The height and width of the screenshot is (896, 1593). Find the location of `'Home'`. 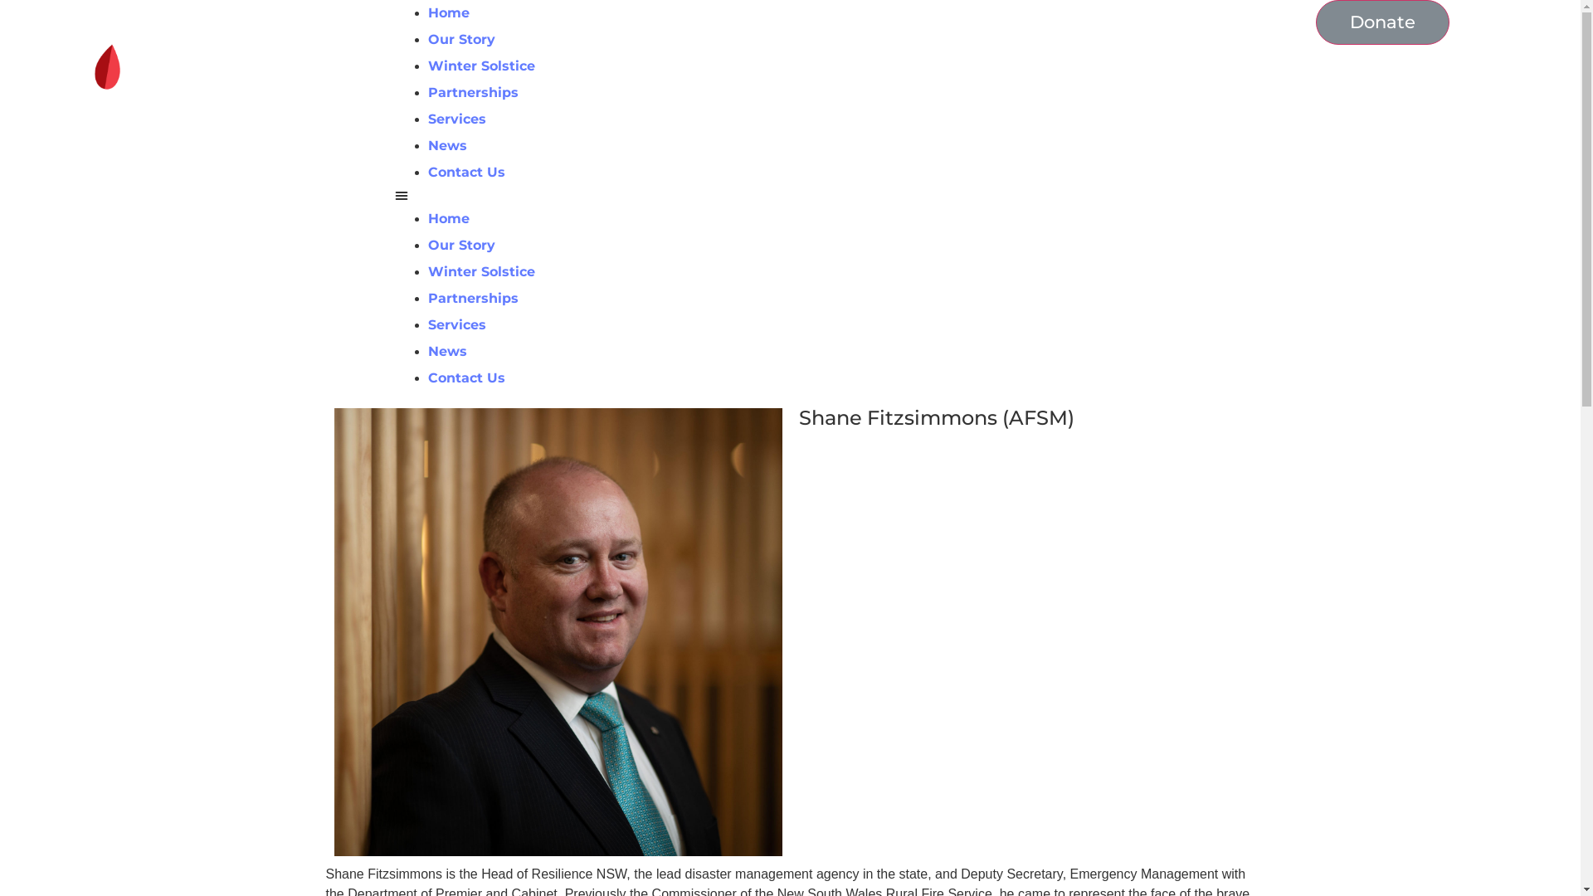

'Home' is located at coordinates (449, 12).